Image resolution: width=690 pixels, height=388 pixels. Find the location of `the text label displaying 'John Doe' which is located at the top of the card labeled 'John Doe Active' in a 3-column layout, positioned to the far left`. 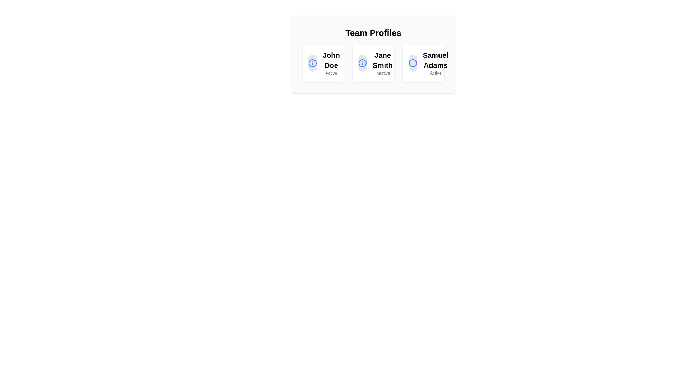

the text label displaying 'John Doe' which is located at the top of the card labeled 'John Doe Active' in a 3-column layout, positioned to the far left is located at coordinates (331, 60).